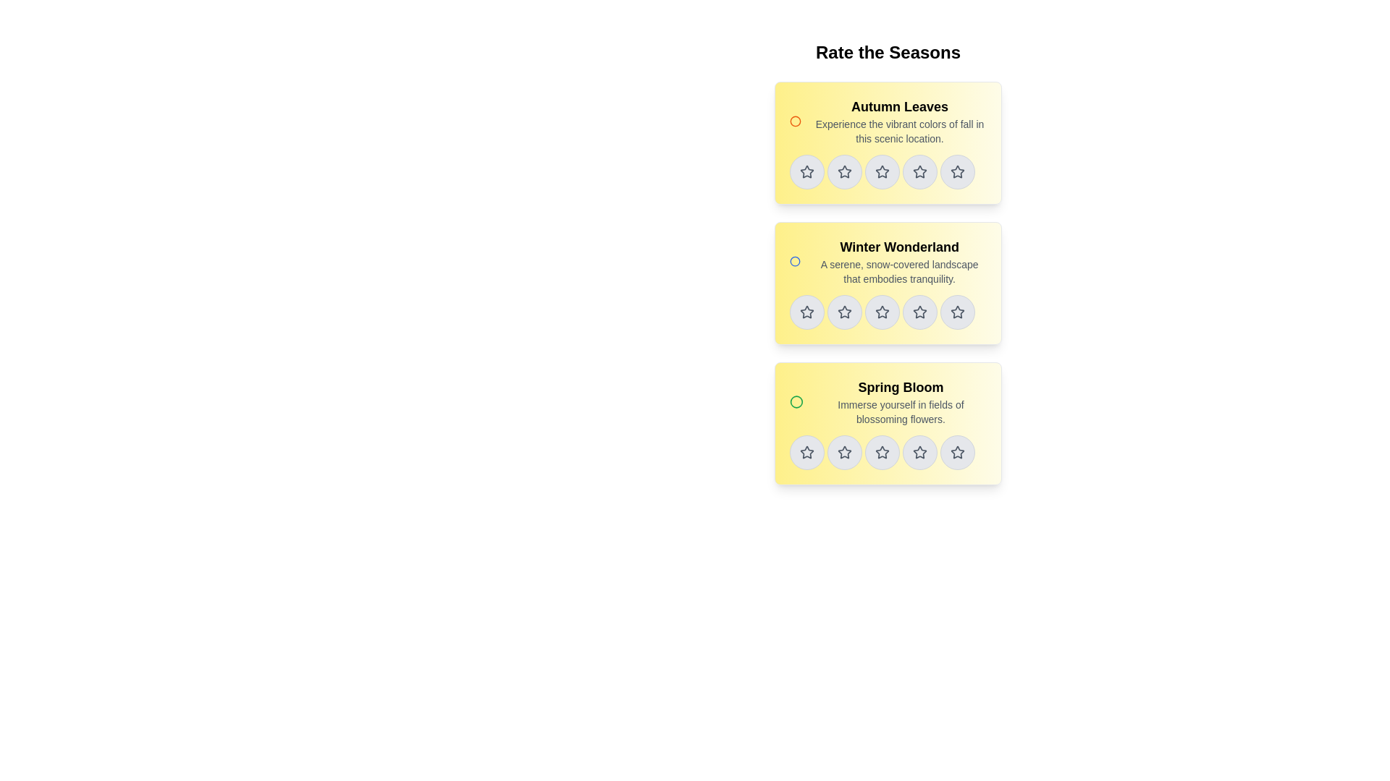  I want to click on the second star button from the left in the 'Autumn Leaves' rating section, so click(844, 171).